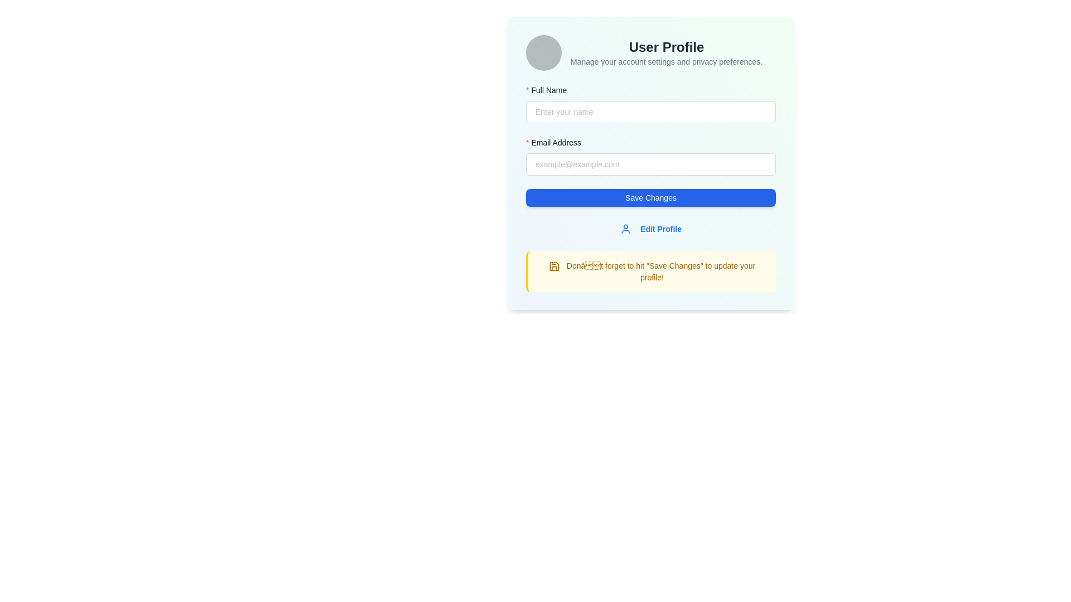 The image size is (1071, 602). I want to click on the email address label located within the form layout, situated directly below the 'Full Name' field label and above the email input box, so click(557, 142).